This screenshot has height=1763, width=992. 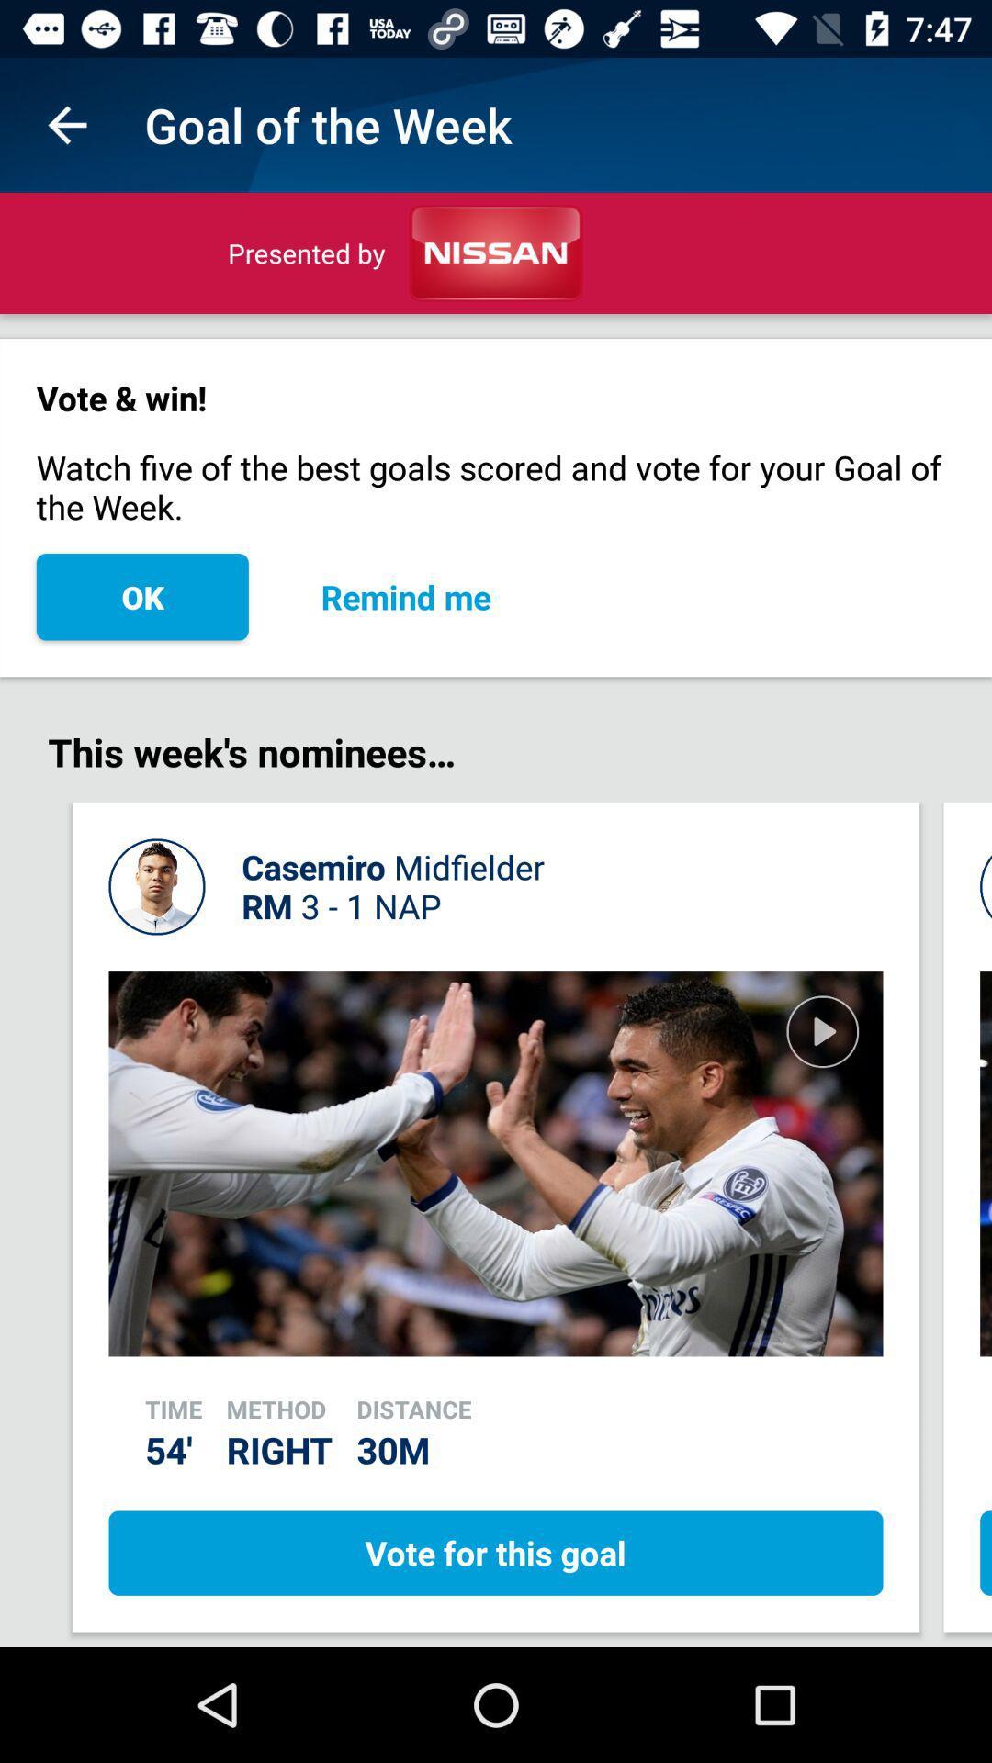 What do you see at coordinates (66, 124) in the screenshot?
I see `app to the left of the goal of the` at bounding box center [66, 124].